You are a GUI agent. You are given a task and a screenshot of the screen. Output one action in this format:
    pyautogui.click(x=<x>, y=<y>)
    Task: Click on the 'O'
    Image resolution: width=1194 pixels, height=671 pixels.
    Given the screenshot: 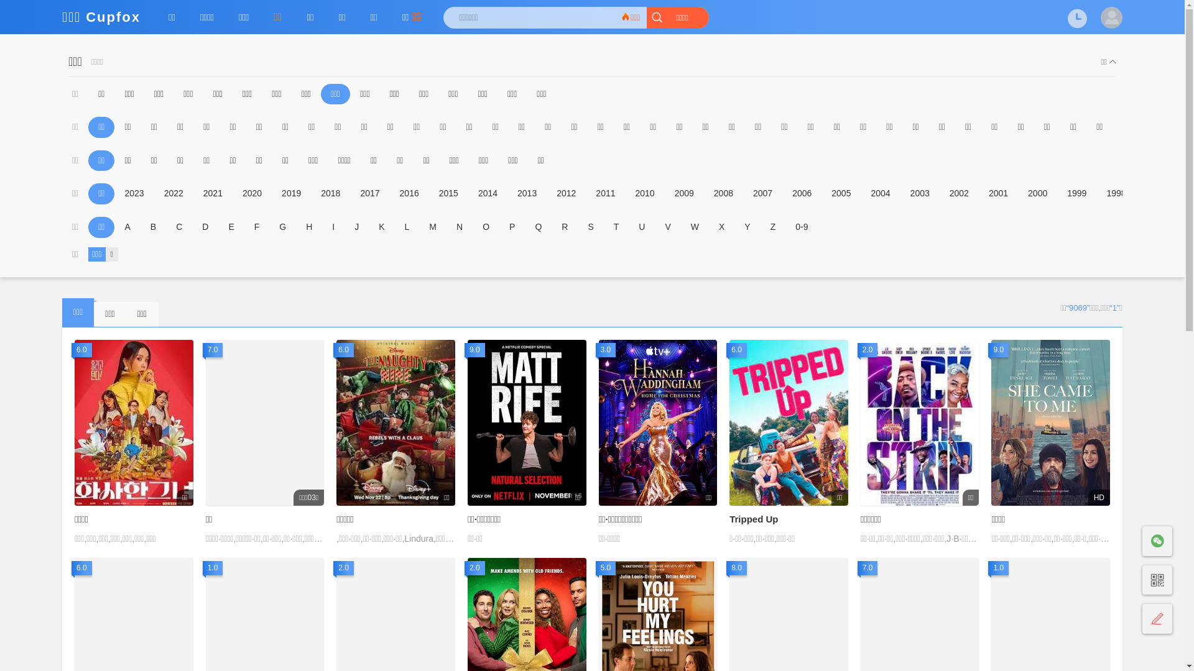 What is the action you would take?
    pyautogui.click(x=471, y=227)
    